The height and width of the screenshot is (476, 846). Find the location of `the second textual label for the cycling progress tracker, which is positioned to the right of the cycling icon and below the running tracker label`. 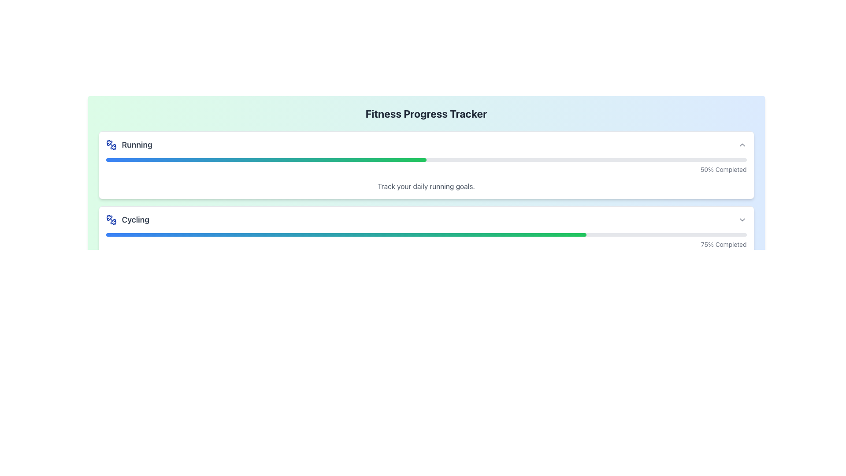

the second textual label for the cycling progress tracker, which is positioned to the right of the cycling icon and below the running tracker label is located at coordinates (135, 219).